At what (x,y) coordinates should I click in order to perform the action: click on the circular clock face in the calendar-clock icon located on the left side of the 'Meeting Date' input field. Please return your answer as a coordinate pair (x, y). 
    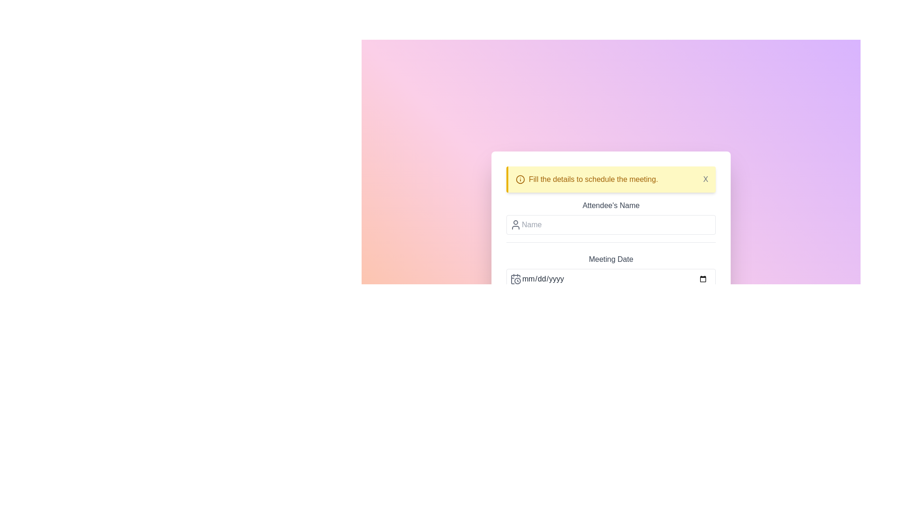
    Looking at the image, I should click on (517, 281).